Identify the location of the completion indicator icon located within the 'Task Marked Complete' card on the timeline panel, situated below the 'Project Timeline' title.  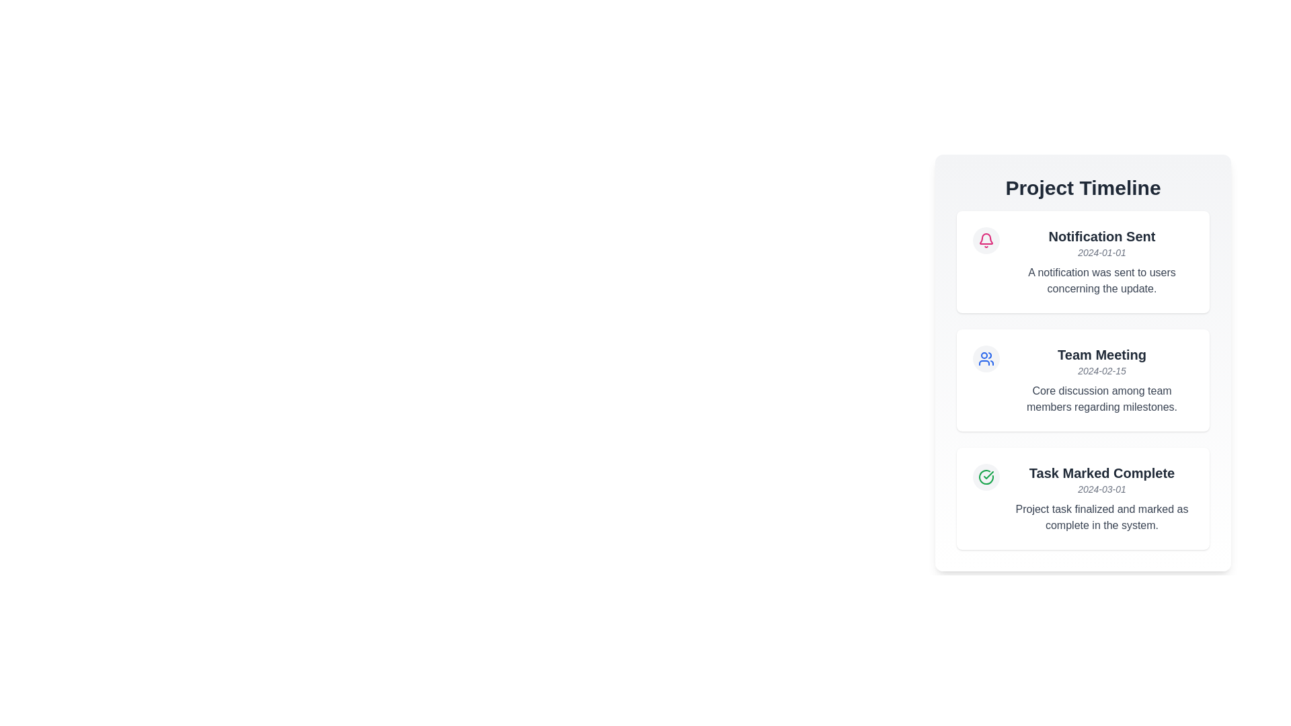
(986, 476).